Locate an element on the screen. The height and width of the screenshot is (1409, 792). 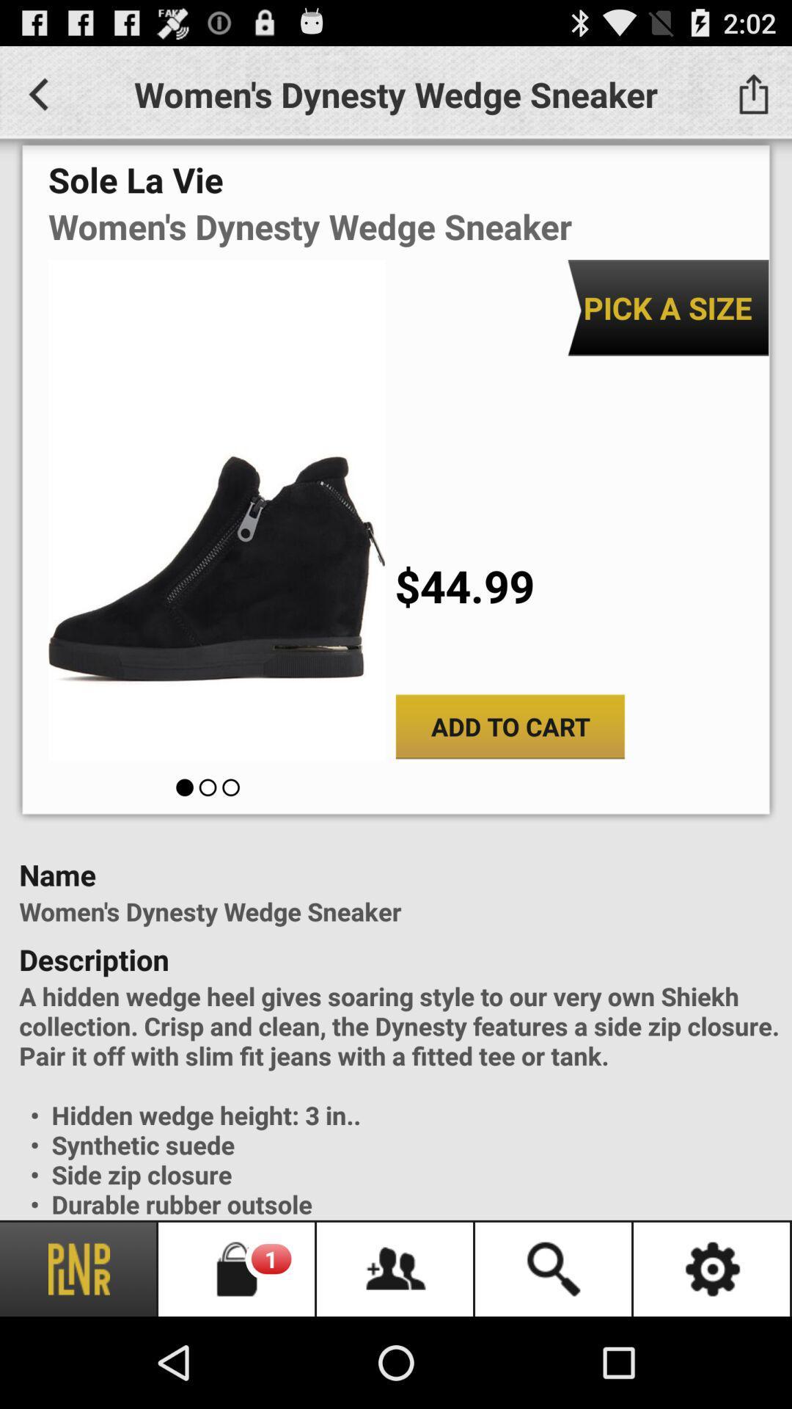
the app below $44.99 is located at coordinates (509, 727).